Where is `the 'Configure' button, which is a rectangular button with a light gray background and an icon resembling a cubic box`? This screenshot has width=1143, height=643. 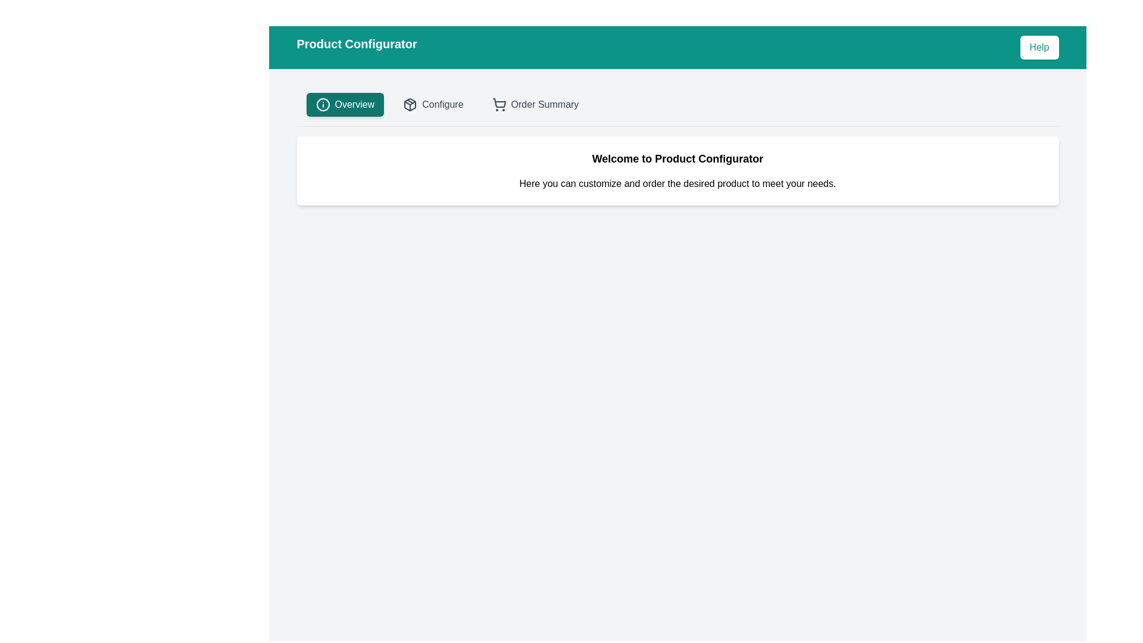 the 'Configure' button, which is a rectangular button with a light gray background and an icon resembling a cubic box is located at coordinates (432, 104).